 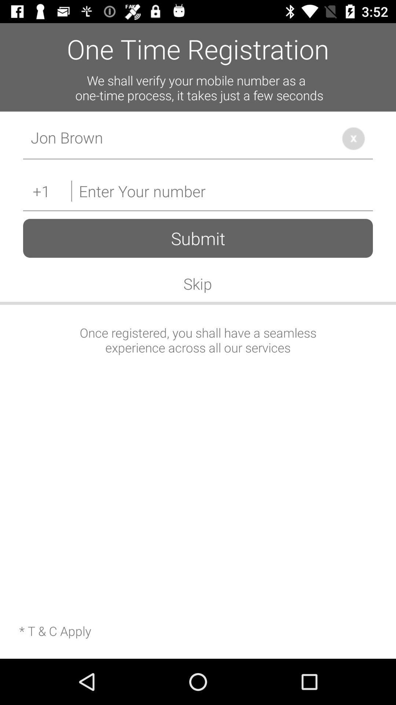 What do you see at coordinates (353, 138) in the screenshot?
I see `the close icon` at bounding box center [353, 138].